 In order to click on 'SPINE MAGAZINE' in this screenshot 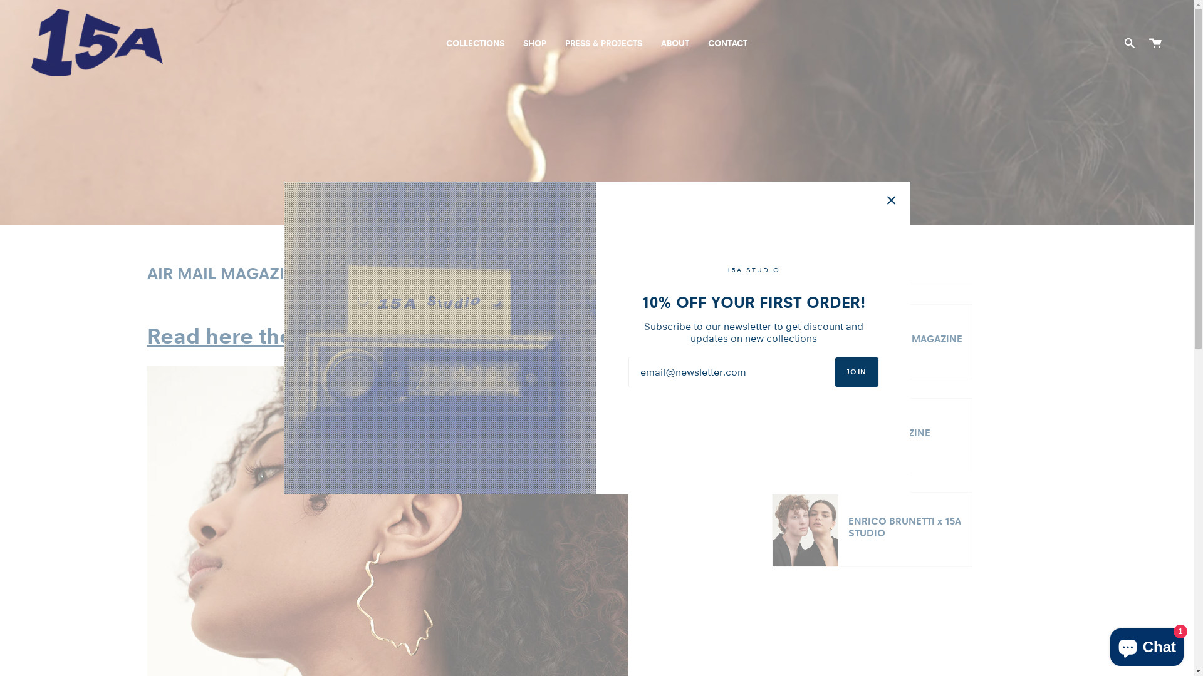, I will do `click(872, 434)`.